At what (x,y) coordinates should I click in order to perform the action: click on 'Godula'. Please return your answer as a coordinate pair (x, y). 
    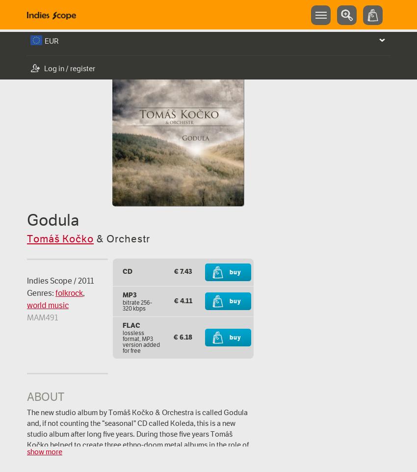
    Looking at the image, I should click on (52, 220).